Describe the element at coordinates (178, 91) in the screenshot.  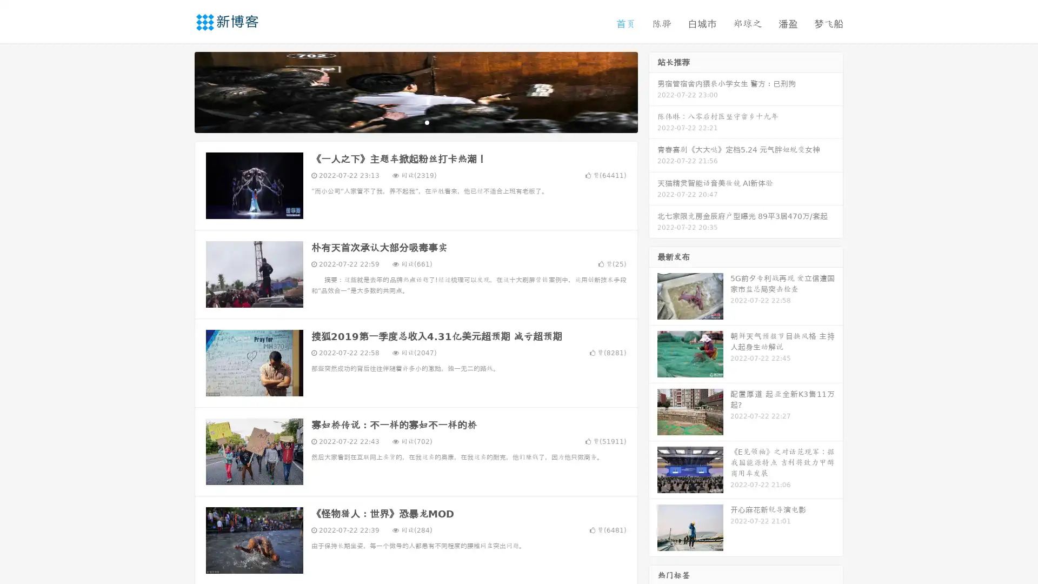
I see `Previous slide` at that location.